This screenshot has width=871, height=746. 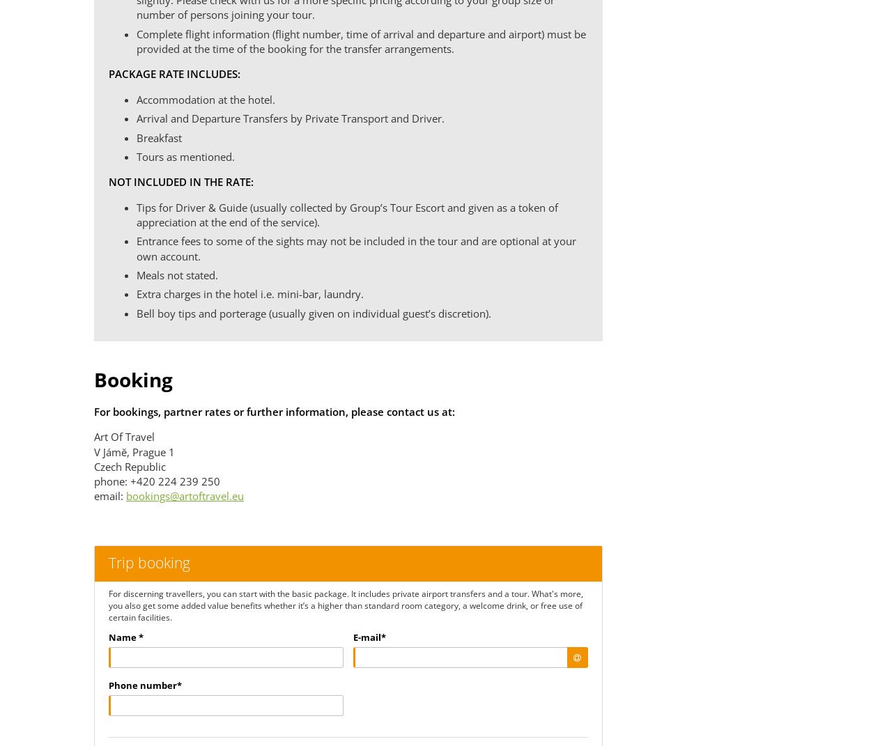 What do you see at coordinates (355, 247) in the screenshot?
I see `'Entrance fees to some of the sights may not be included in the tour and are optional at your own account.'` at bounding box center [355, 247].